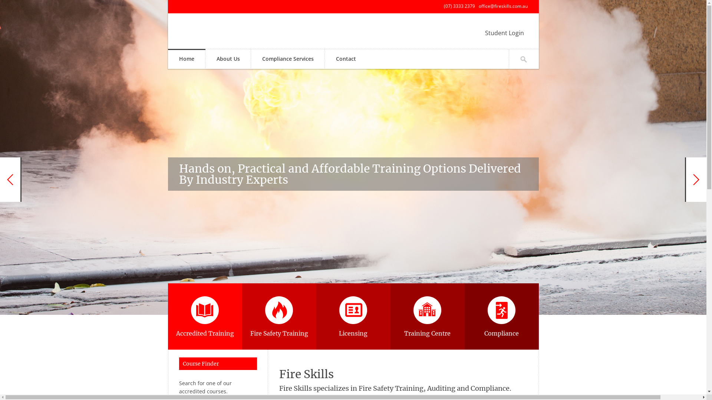 The height and width of the screenshot is (400, 712). Describe the element at coordinates (504, 32) in the screenshot. I see `'Student Login'` at that location.